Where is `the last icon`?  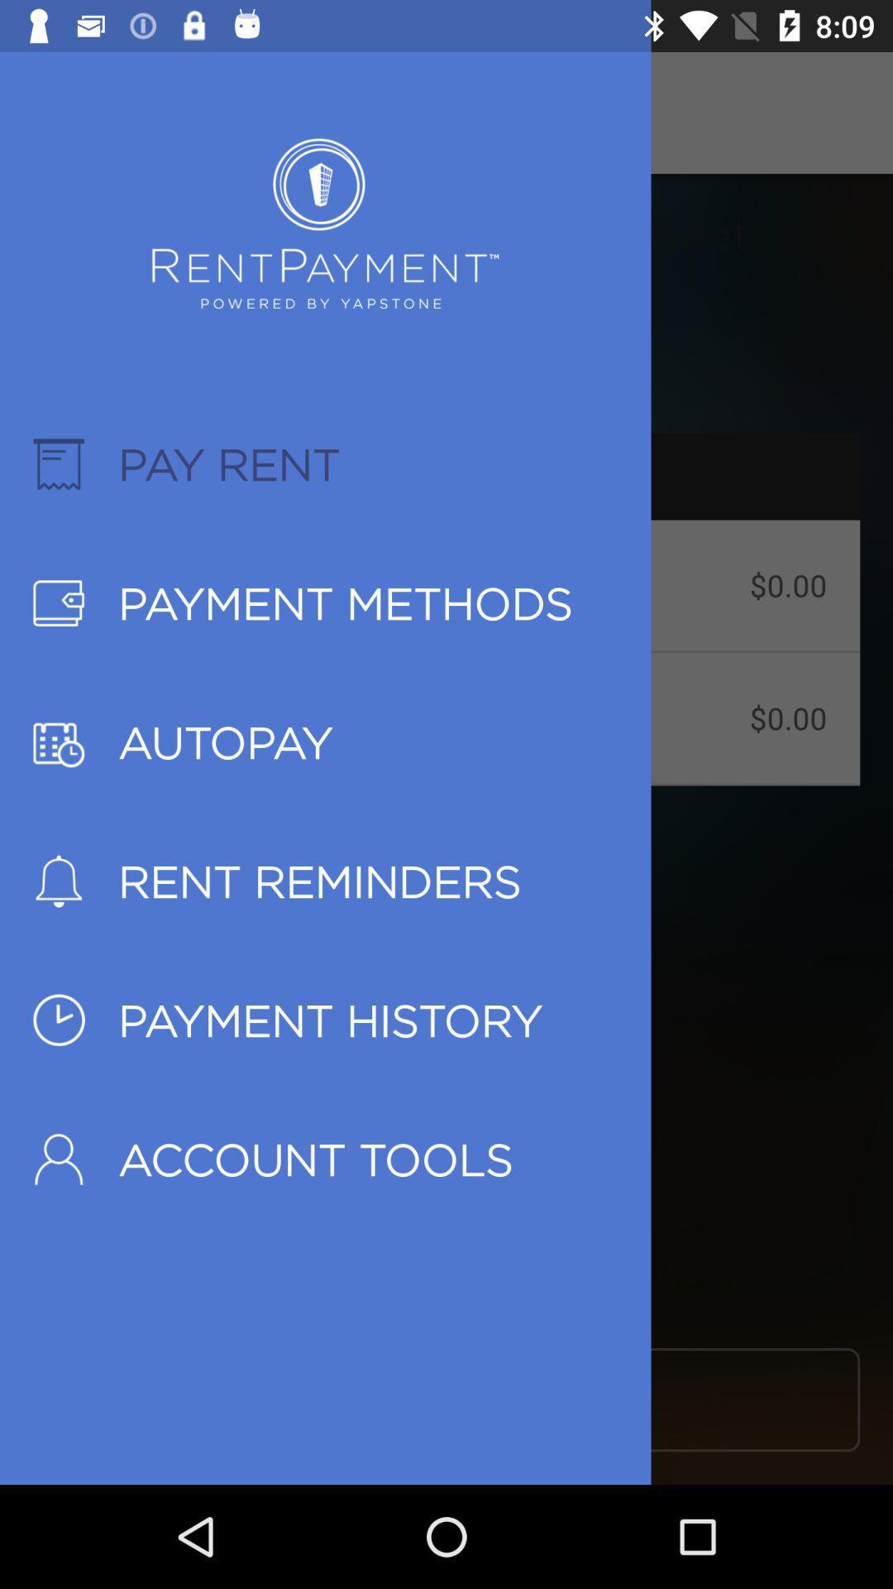
the last icon is located at coordinates (58, 1159).